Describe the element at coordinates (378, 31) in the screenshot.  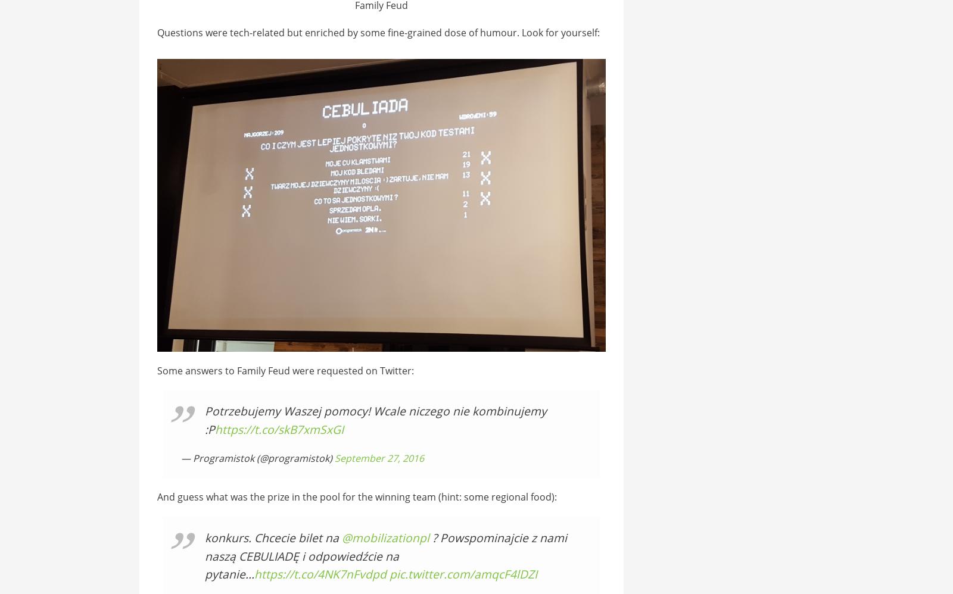
I see `'Questions were tech-related but enriched by some fine-grained dose of humour. Look for yourself:'` at that location.